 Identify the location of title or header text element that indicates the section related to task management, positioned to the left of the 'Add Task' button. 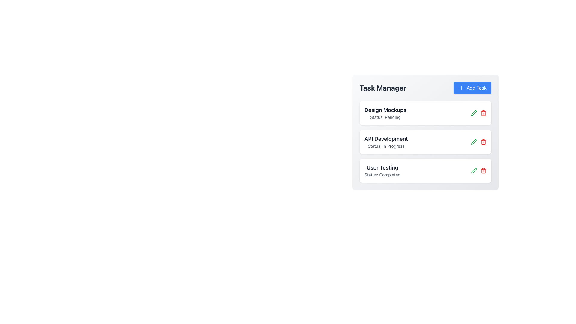
(382, 88).